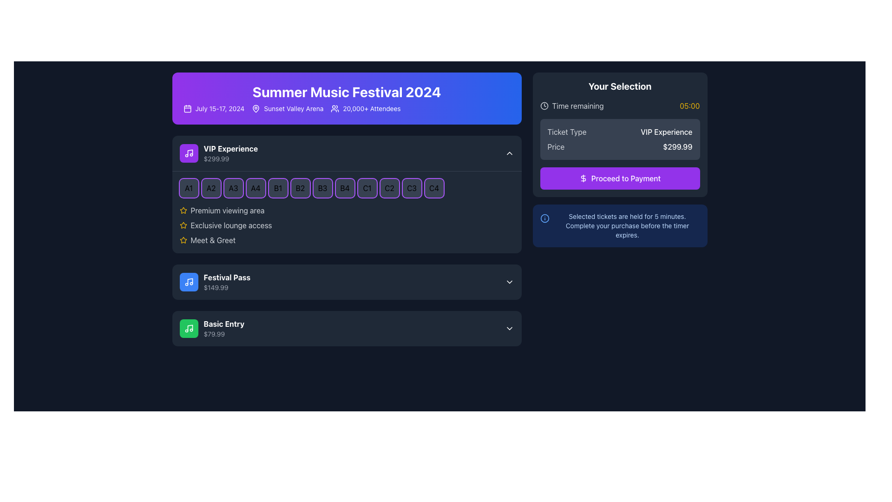 This screenshot has width=892, height=502. Describe the element at coordinates (346, 225) in the screenshot. I see `text of the Label with icon that provides information about one of the benefits included in the 'VIP Experience' package, located in the second position under the 'VIP Experience' section` at that location.